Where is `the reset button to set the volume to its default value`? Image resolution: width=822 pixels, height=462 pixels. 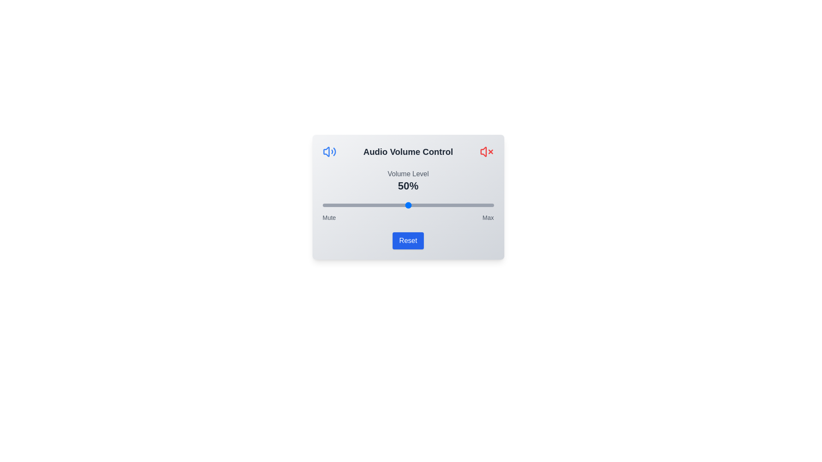 the reset button to set the volume to its default value is located at coordinates (408, 241).